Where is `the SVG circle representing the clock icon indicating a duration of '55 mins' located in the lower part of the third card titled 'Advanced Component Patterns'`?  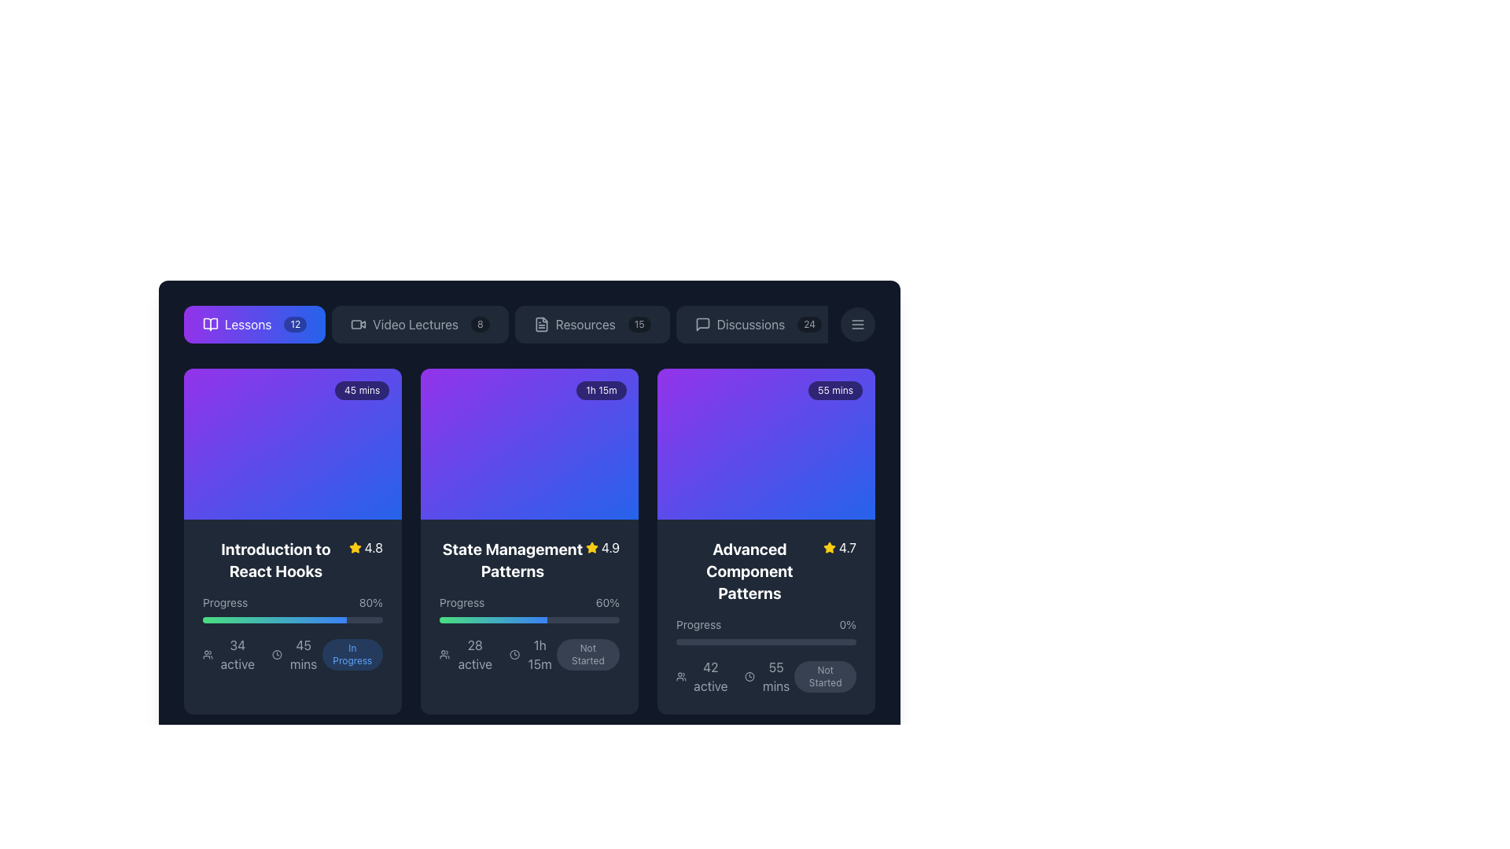 the SVG circle representing the clock icon indicating a duration of '55 mins' located in the lower part of the third card titled 'Advanced Component Patterns' is located at coordinates (749, 675).